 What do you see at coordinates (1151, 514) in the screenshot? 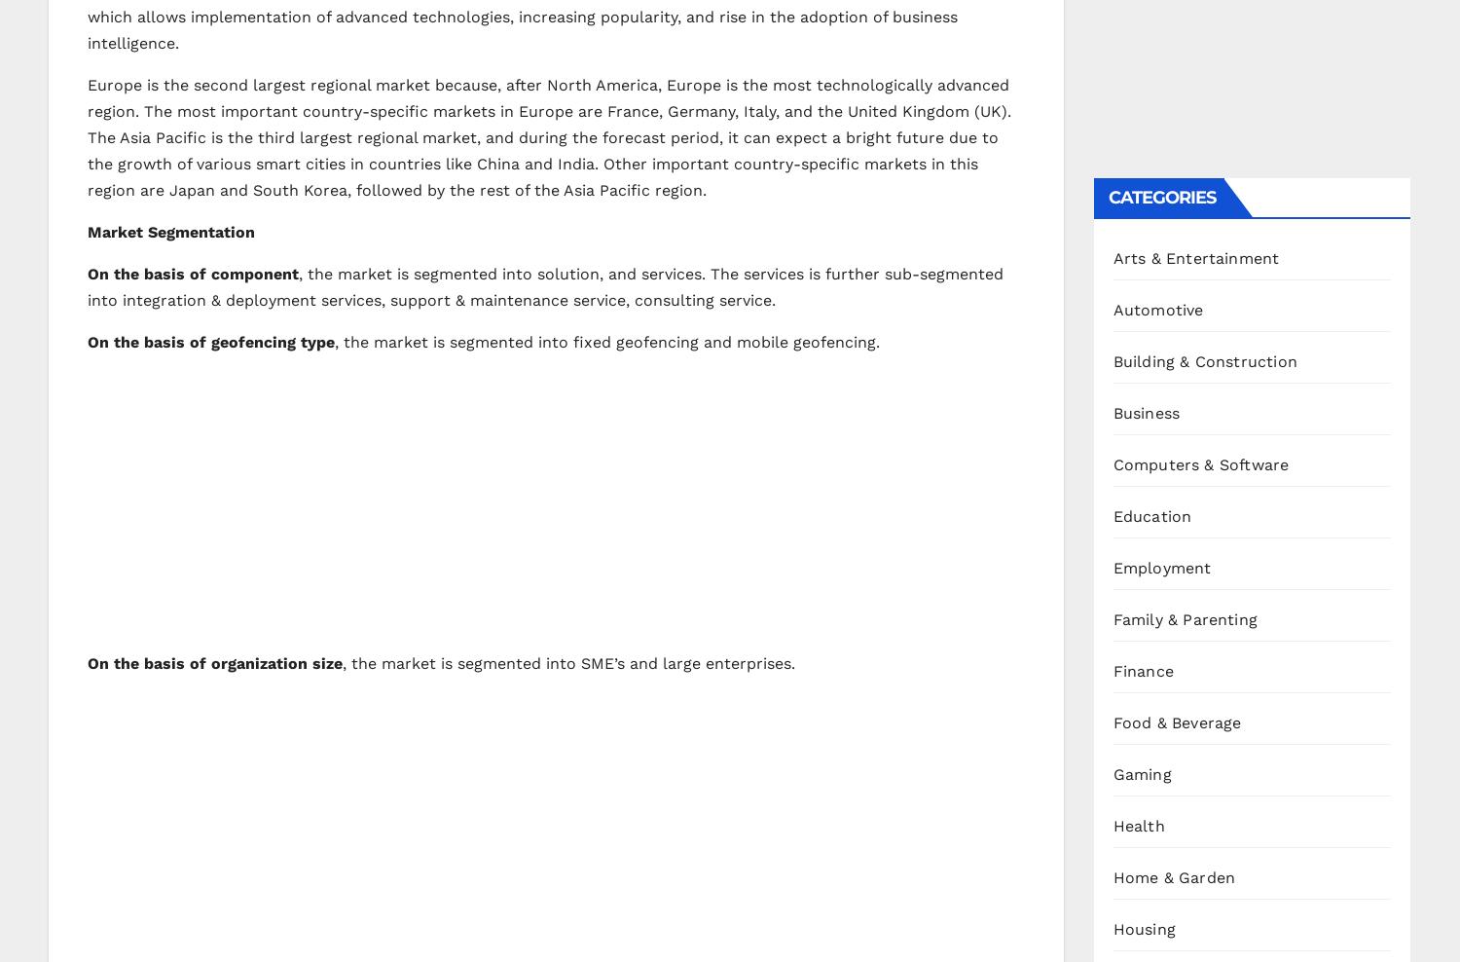
I see `'Education'` at bounding box center [1151, 514].